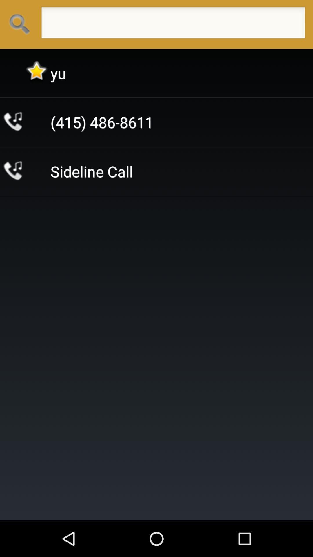 The image size is (313, 557). What do you see at coordinates (37, 73) in the screenshot?
I see `the icon next to the yu icon` at bounding box center [37, 73].